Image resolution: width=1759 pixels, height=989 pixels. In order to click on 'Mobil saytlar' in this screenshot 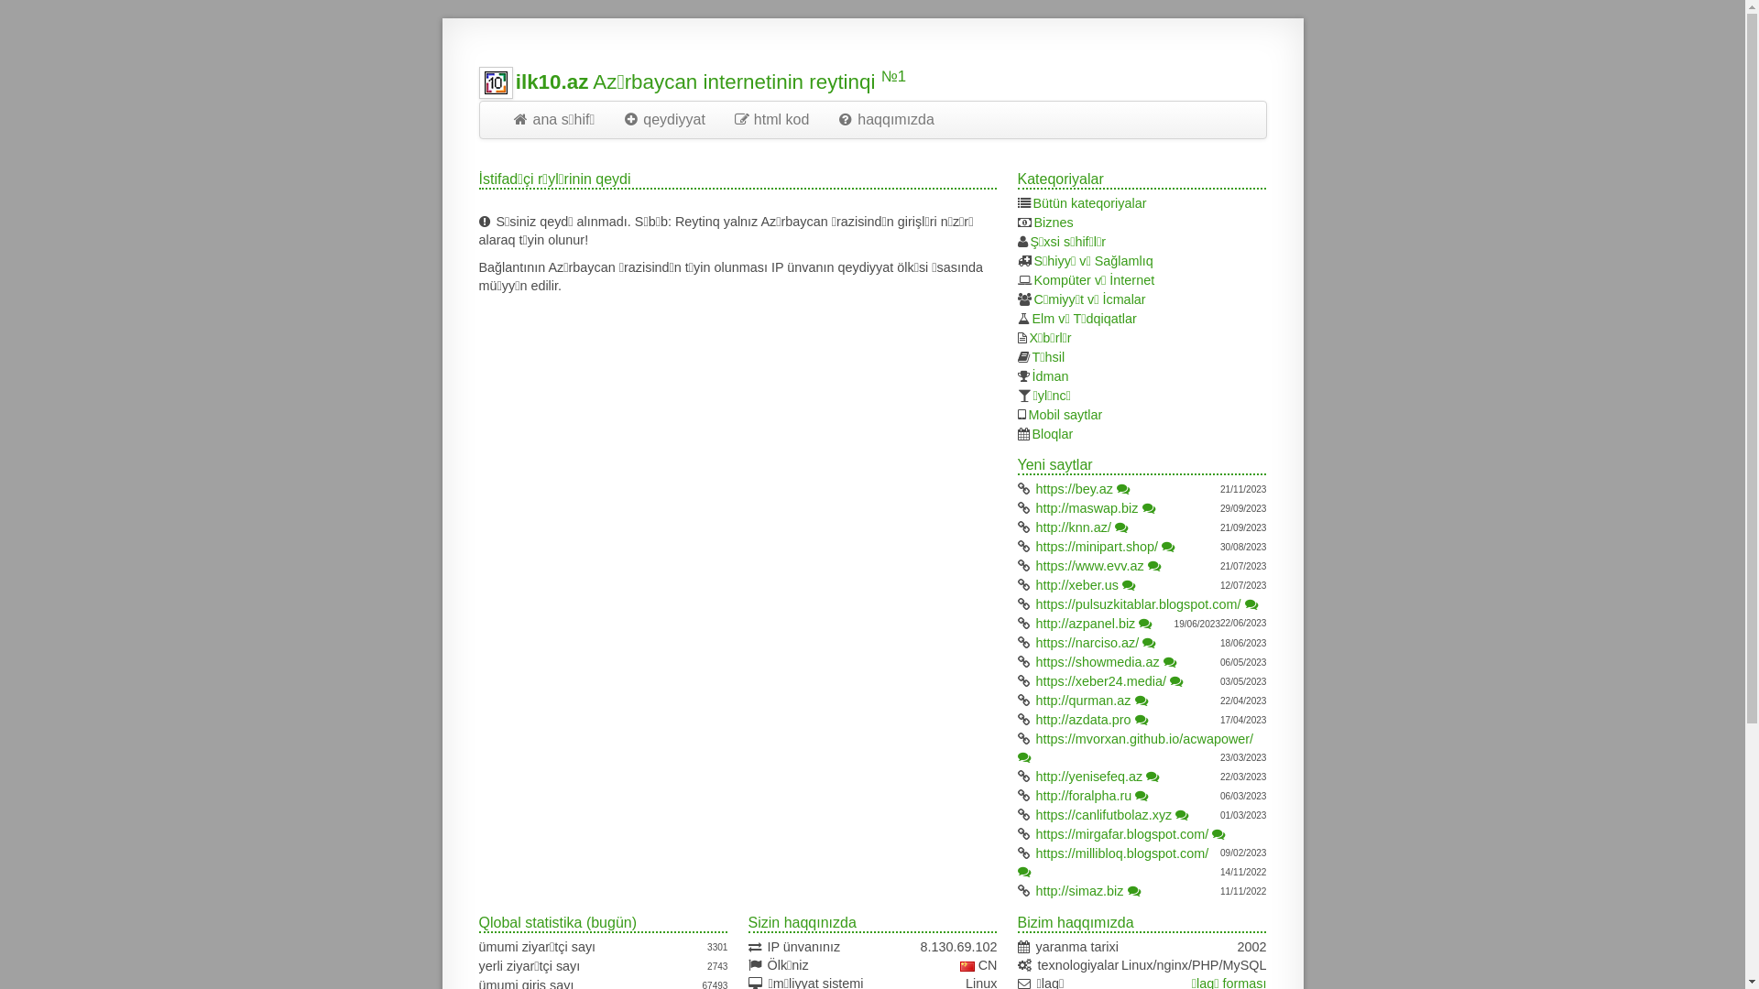, I will do `click(1065, 414)`.